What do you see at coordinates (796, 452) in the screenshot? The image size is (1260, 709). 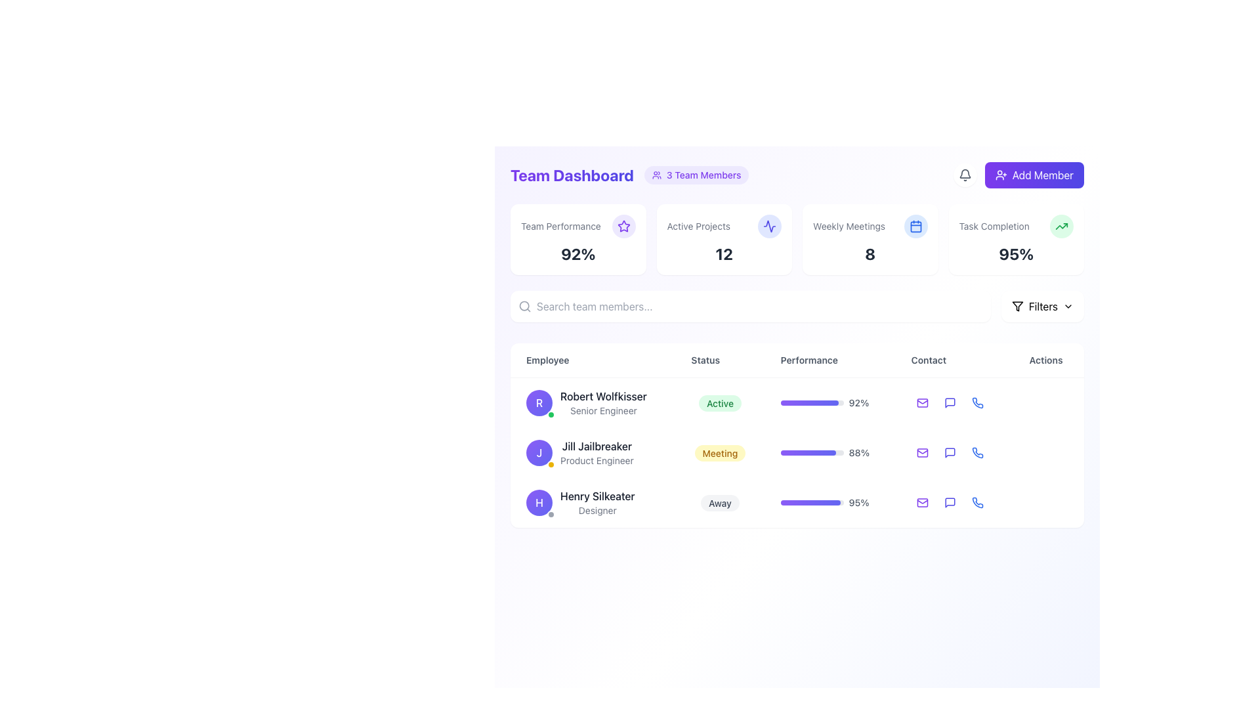 I see `the performance bar of the second list item in the 'Team Dashboard' section, which displays details about a team member` at bounding box center [796, 452].